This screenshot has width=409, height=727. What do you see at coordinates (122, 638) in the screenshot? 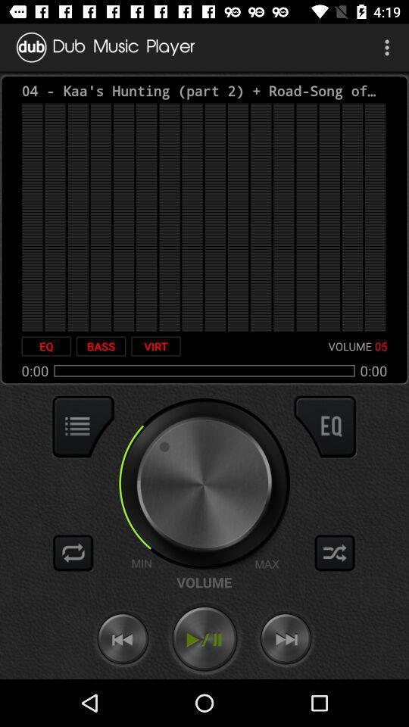
I see `move back` at bounding box center [122, 638].